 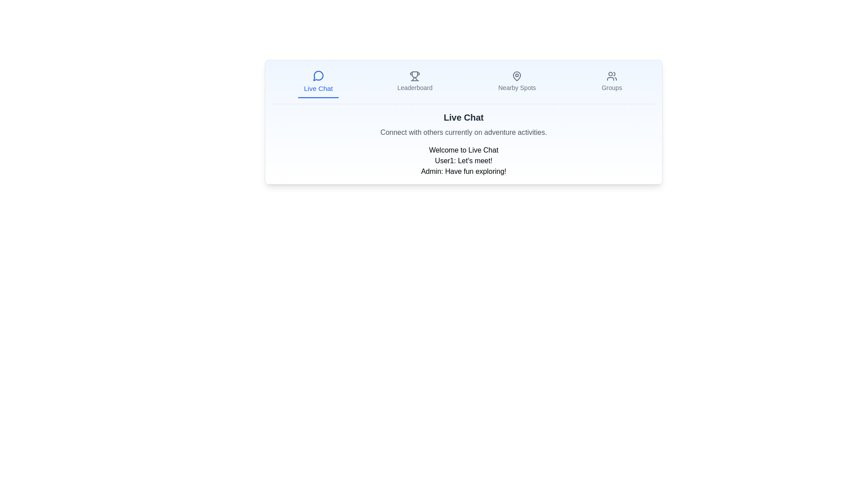 What do you see at coordinates (318, 88) in the screenshot?
I see `text label 'Live Chat' located in the bottom-center area of a navigation tab, styled with a medium-sized blue font and positioned below a speech bubble icon` at bounding box center [318, 88].